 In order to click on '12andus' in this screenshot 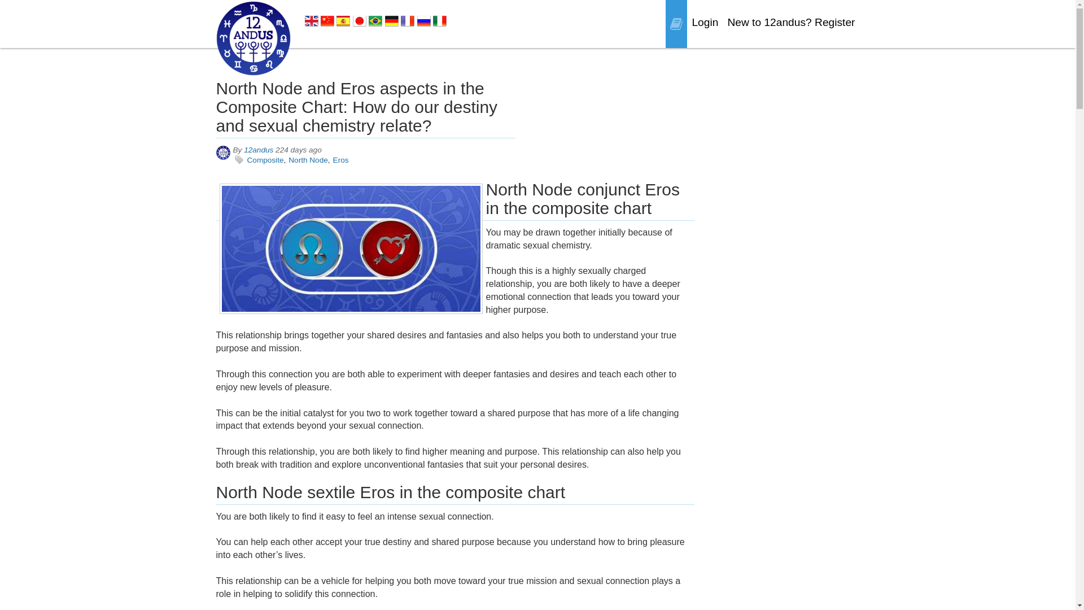, I will do `click(216, 152)`.